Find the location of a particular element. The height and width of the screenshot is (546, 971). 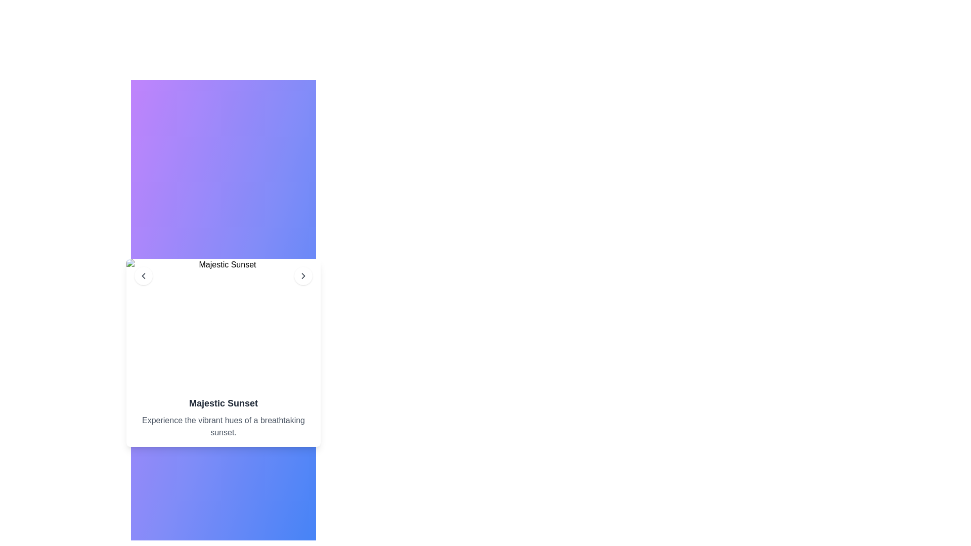

the Chevron navigation icon located in the circular button at the top-right corner of the card interface is located at coordinates (303, 276).